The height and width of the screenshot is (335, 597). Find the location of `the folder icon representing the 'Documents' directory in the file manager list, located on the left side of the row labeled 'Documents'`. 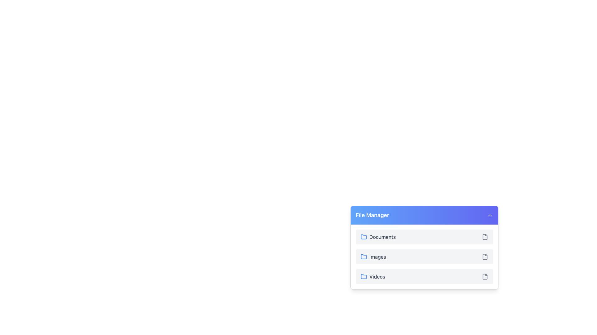

the folder icon representing the 'Documents' directory in the file manager list, located on the left side of the row labeled 'Documents' is located at coordinates (364, 237).